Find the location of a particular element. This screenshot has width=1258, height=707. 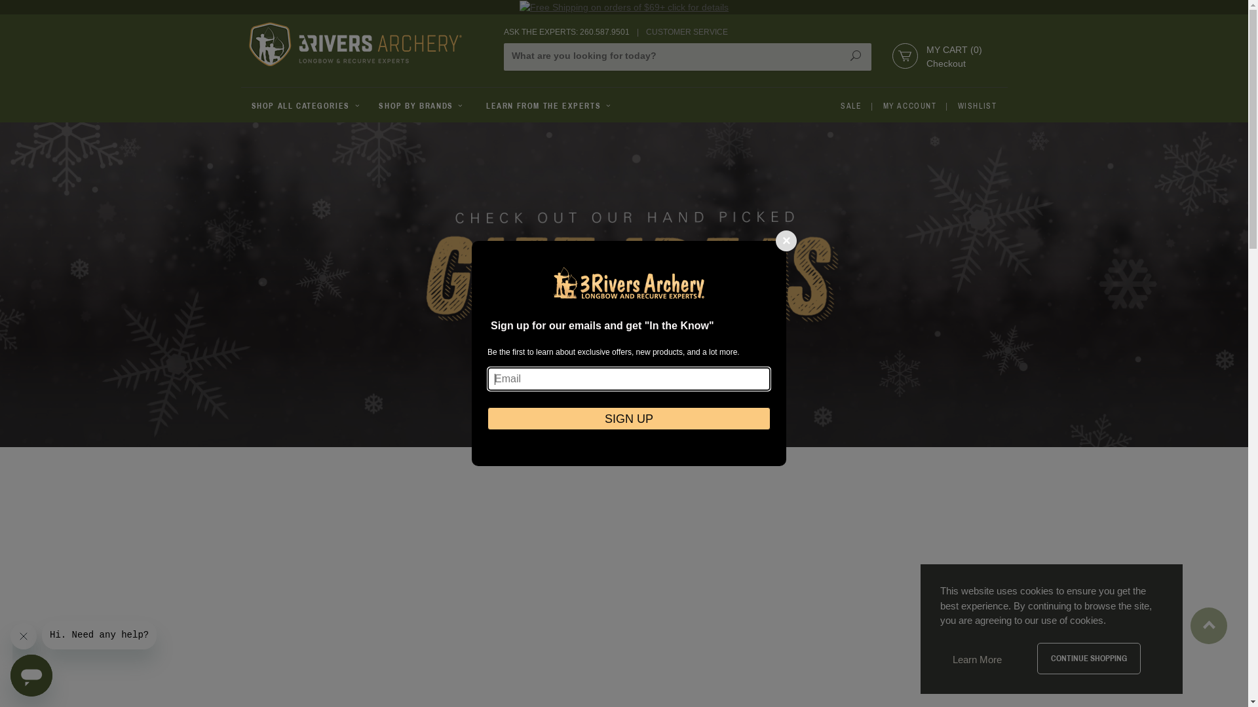

'Message from company' is located at coordinates (41, 634).